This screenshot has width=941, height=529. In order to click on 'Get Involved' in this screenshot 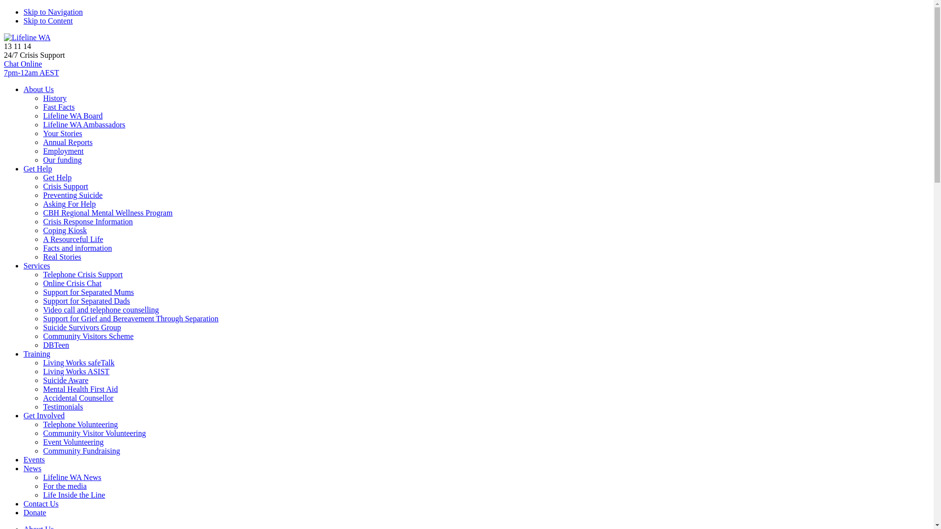, I will do `click(44, 415)`.